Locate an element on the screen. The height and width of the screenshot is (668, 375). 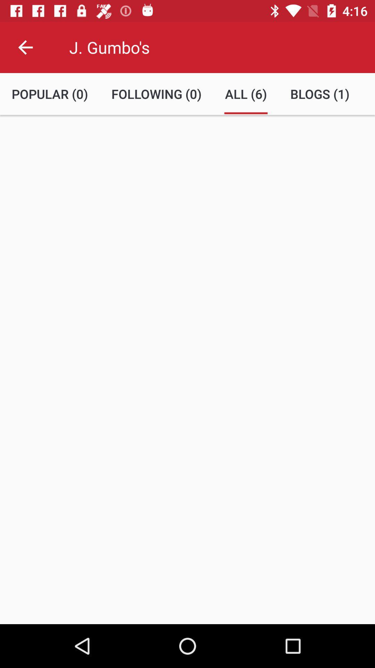
the following (0) is located at coordinates (156, 94).